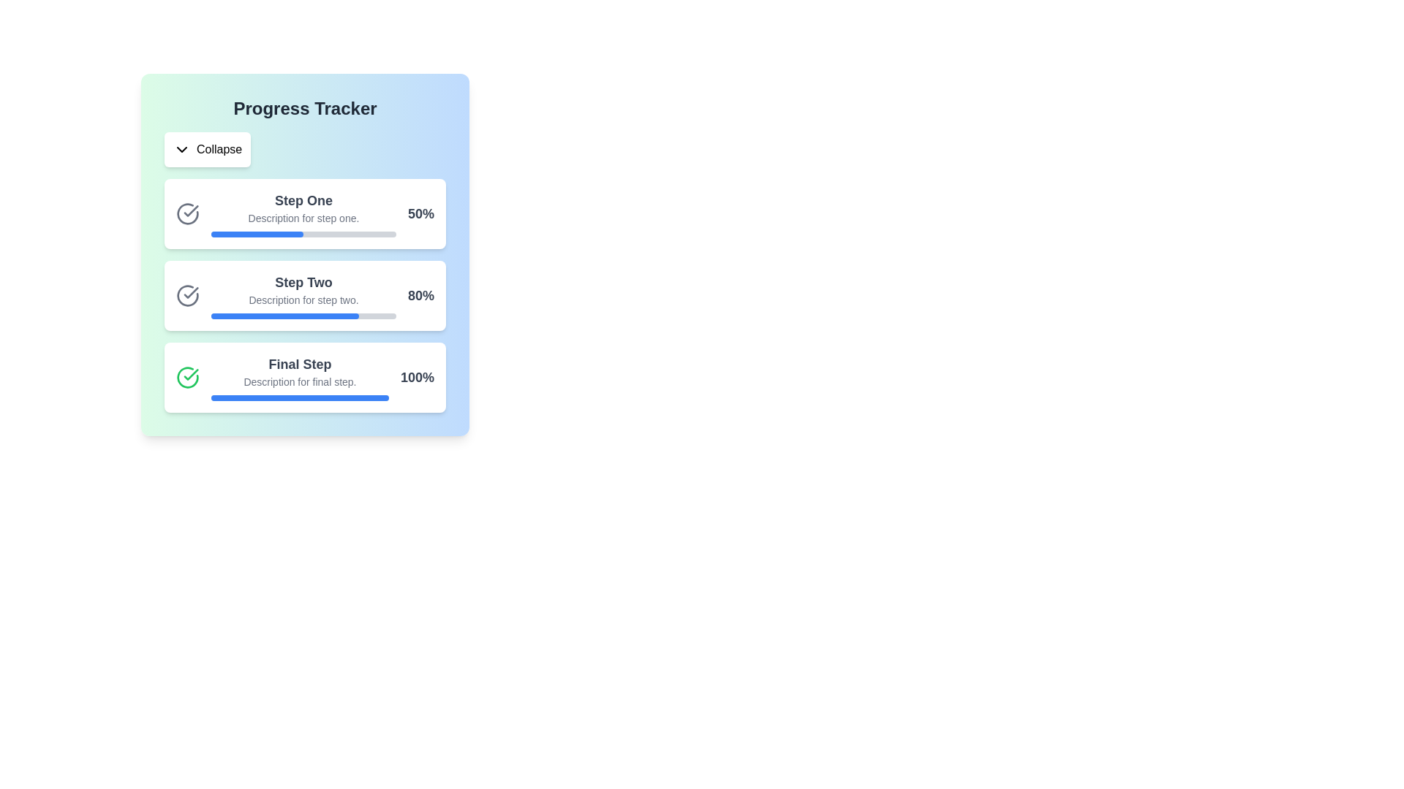  I want to click on the text label element displaying 'Description for final step' in gray font, located below the 'Final Step' title in the progress tracker interface, so click(299, 381).